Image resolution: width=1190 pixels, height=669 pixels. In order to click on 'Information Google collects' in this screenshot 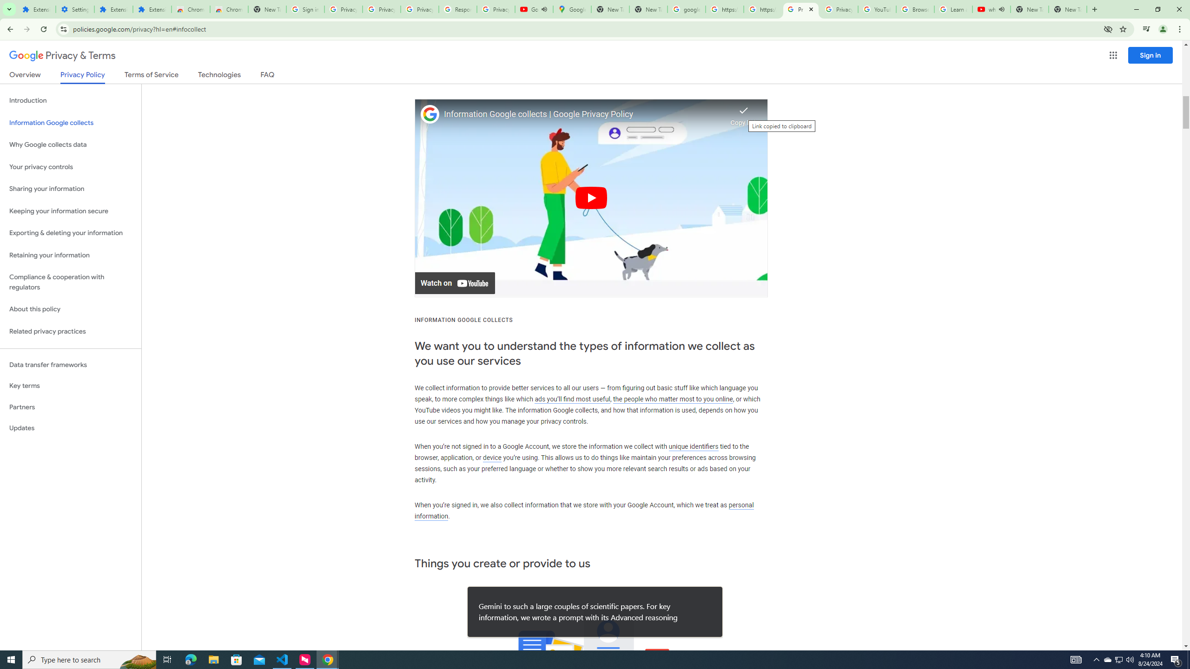, I will do `click(70, 123)`.